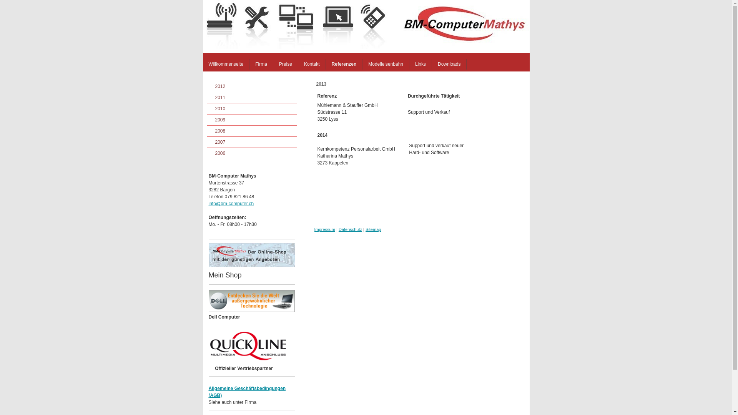  I want to click on '2007', so click(251, 142).